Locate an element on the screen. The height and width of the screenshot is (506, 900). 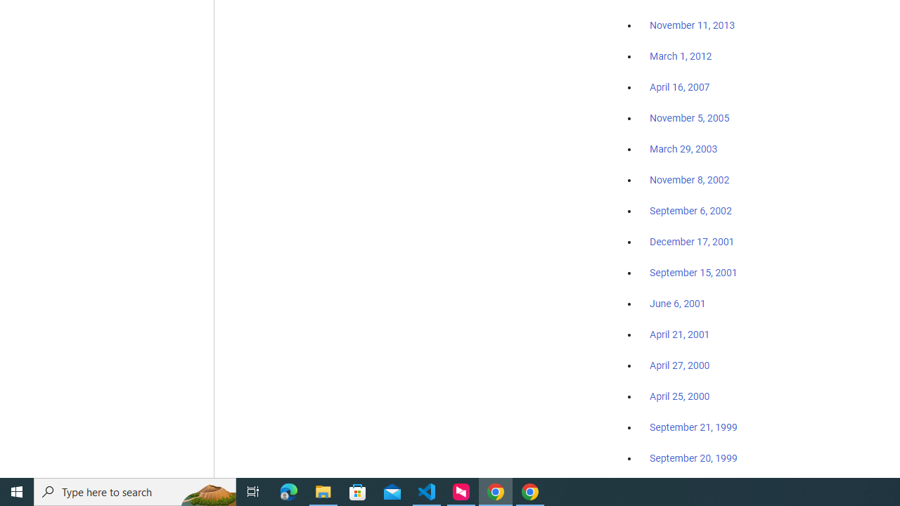
'September 6, 2002' is located at coordinates (690, 210).